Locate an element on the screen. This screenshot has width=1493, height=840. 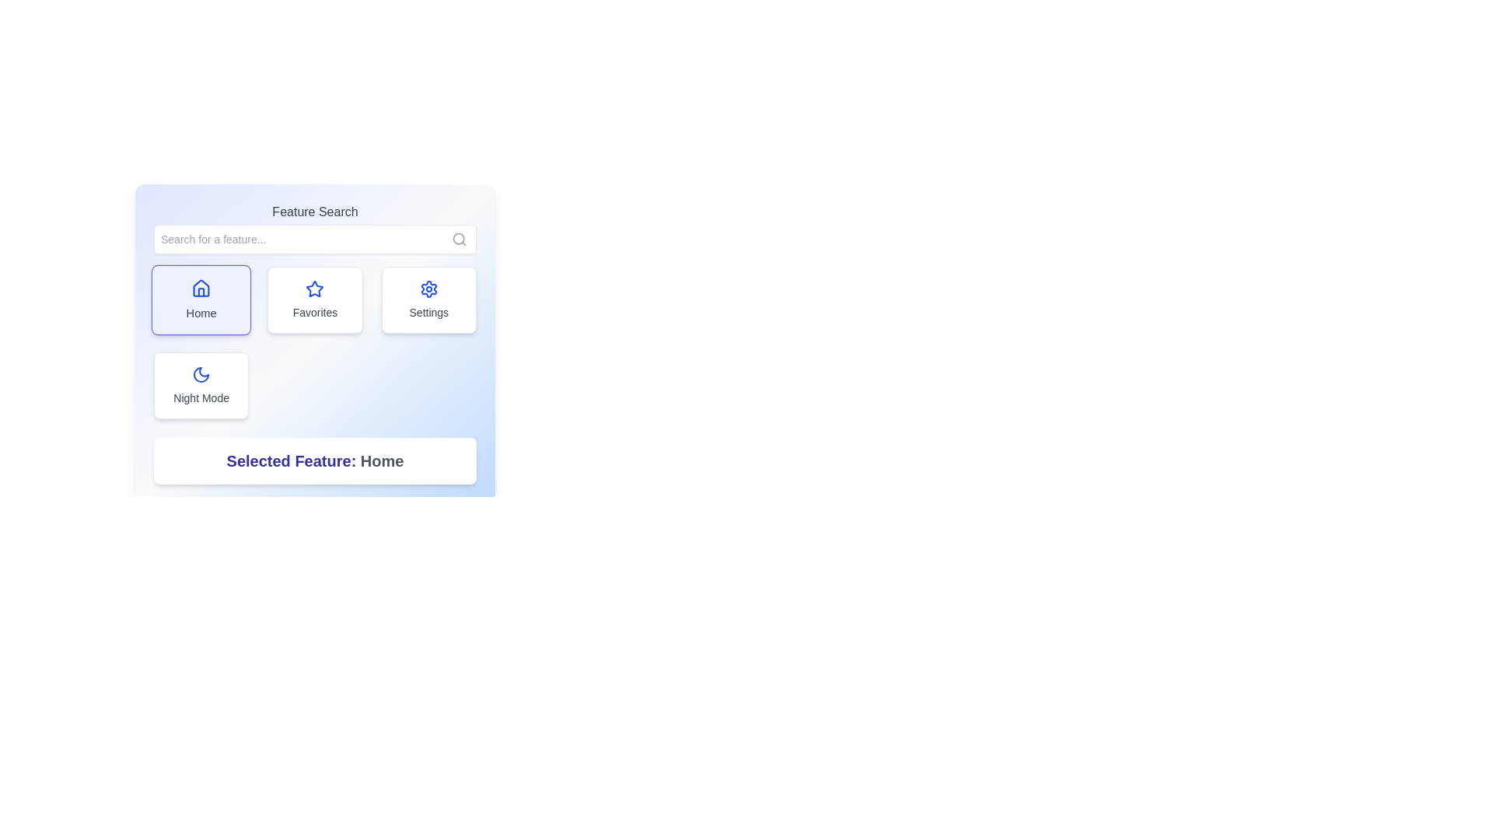
the search input field located at the top of the 'Feature Search' group is located at coordinates (314, 240).